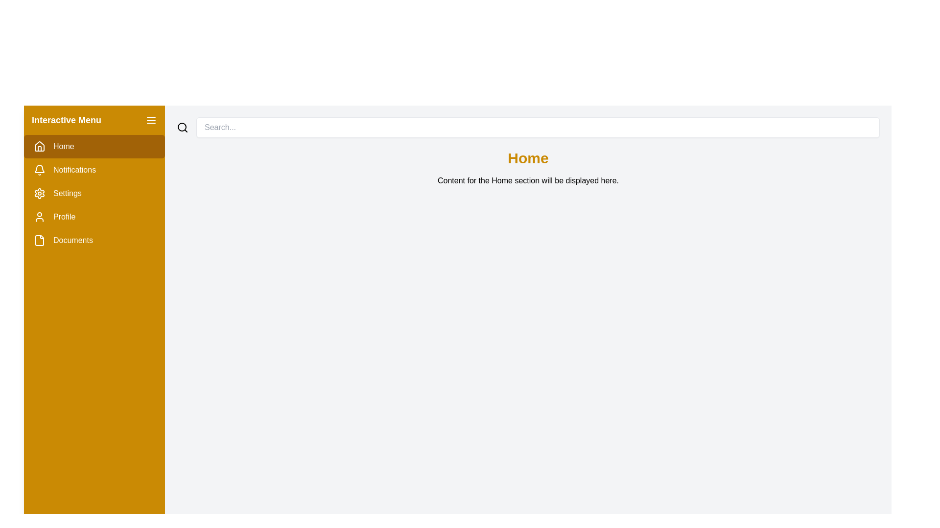 The height and width of the screenshot is (528, 940). Describe the element at coordinates (63, 147) in the screenshot. I see `the 'Home' text label styled in white font on a yellow background` at that location.